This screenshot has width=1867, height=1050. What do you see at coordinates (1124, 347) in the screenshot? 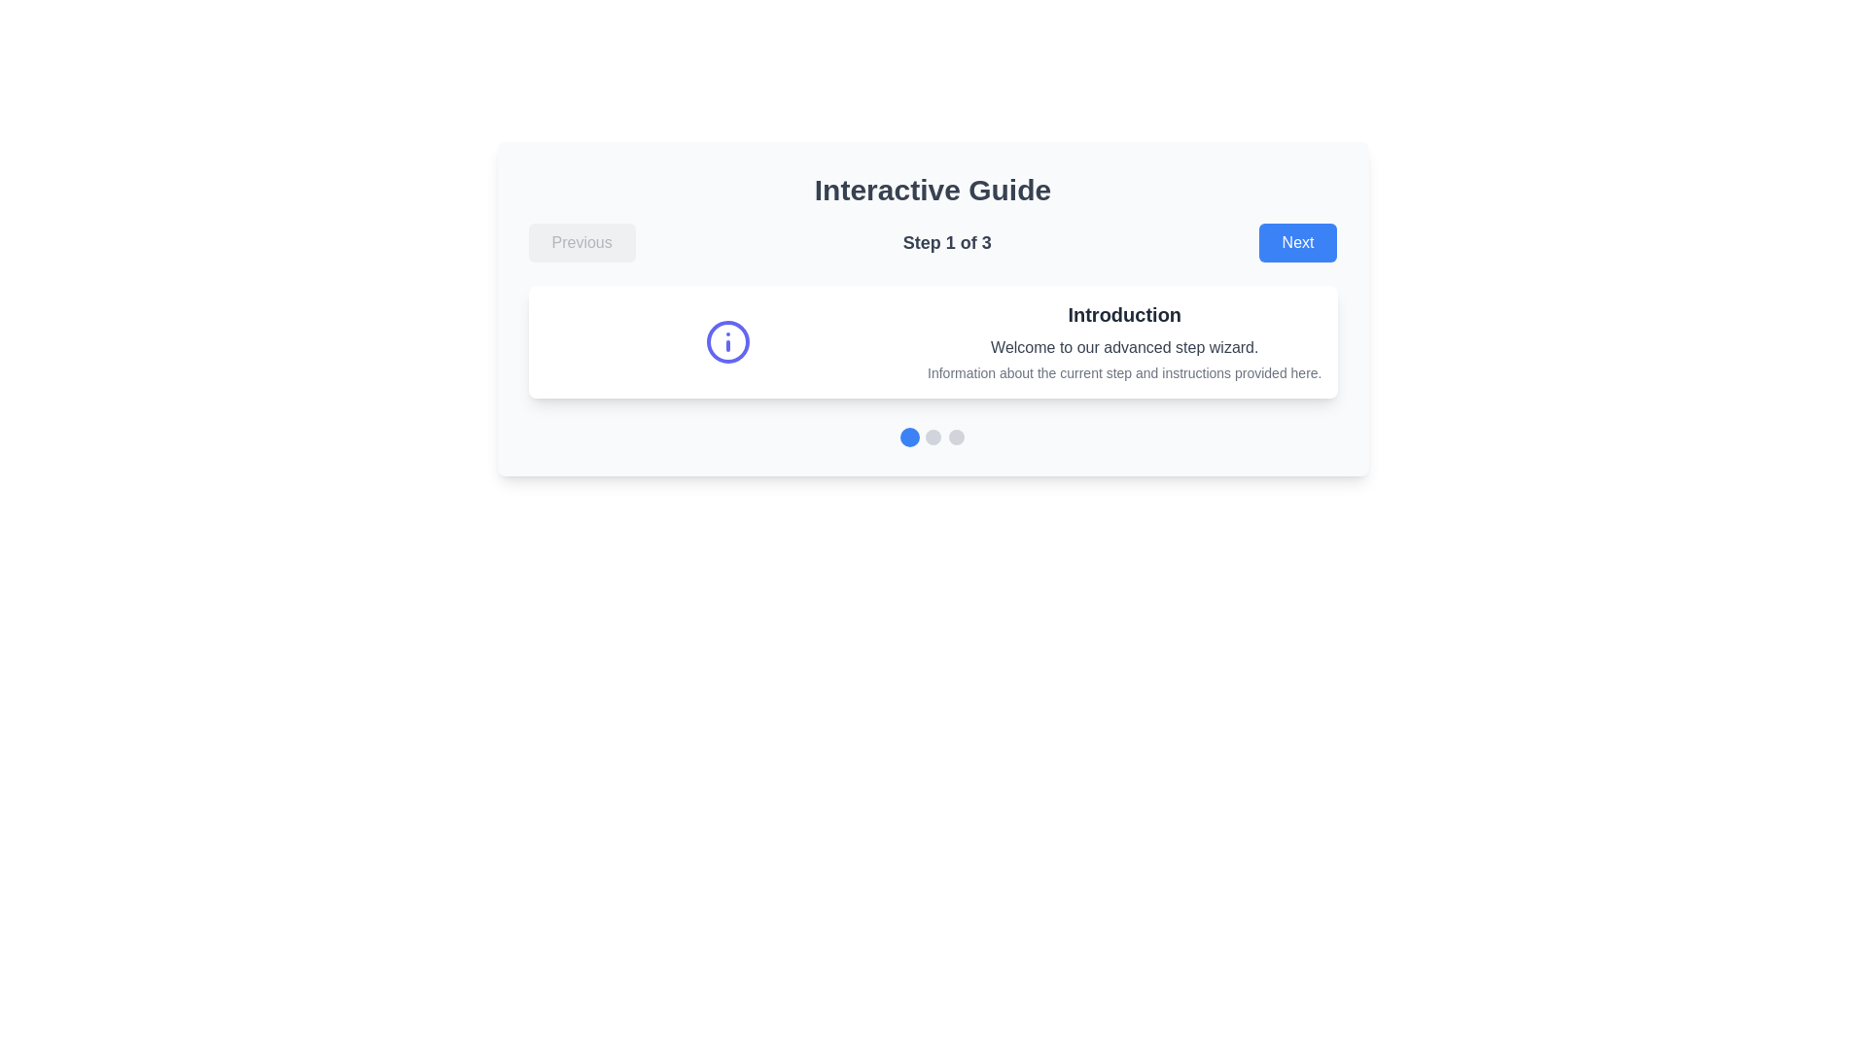
I see `the inviting message text located below the header 'Introduction' in the step wizard interface` at bounding box center [1124, 347].